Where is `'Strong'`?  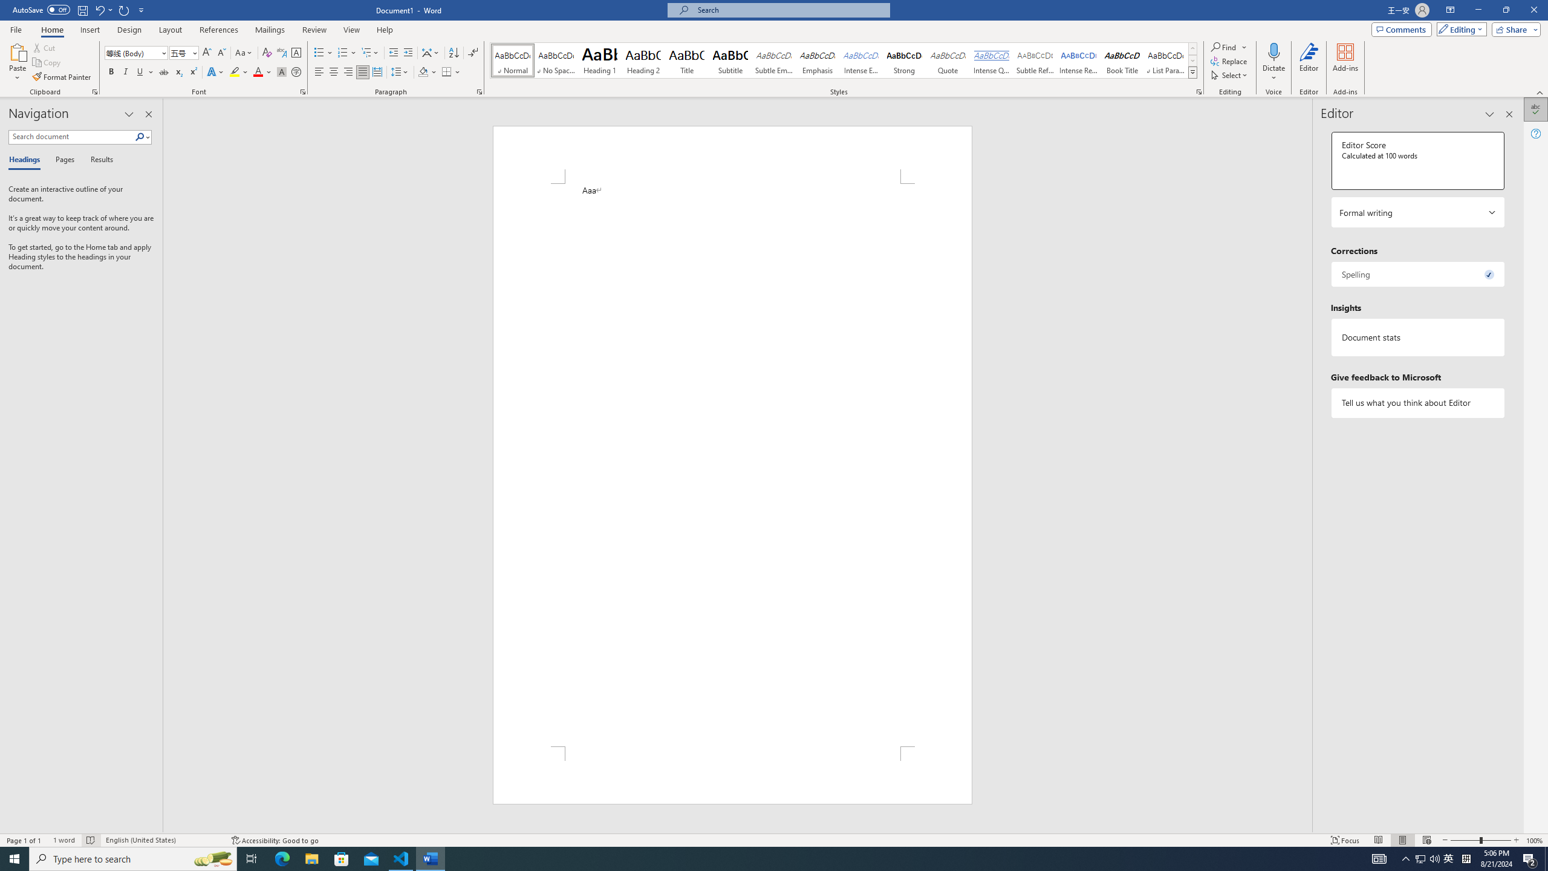
'Strong' is located at coordinates (904, 60).